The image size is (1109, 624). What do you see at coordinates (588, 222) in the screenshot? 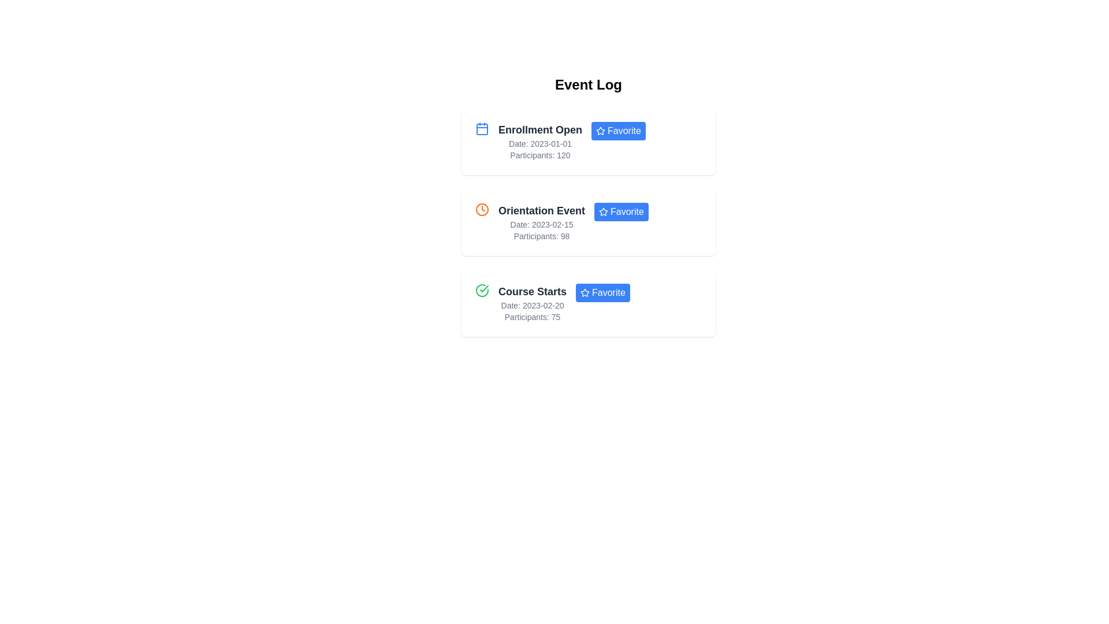
I see `the event card in the 'Event Log'` at bounding box center [588, 222].